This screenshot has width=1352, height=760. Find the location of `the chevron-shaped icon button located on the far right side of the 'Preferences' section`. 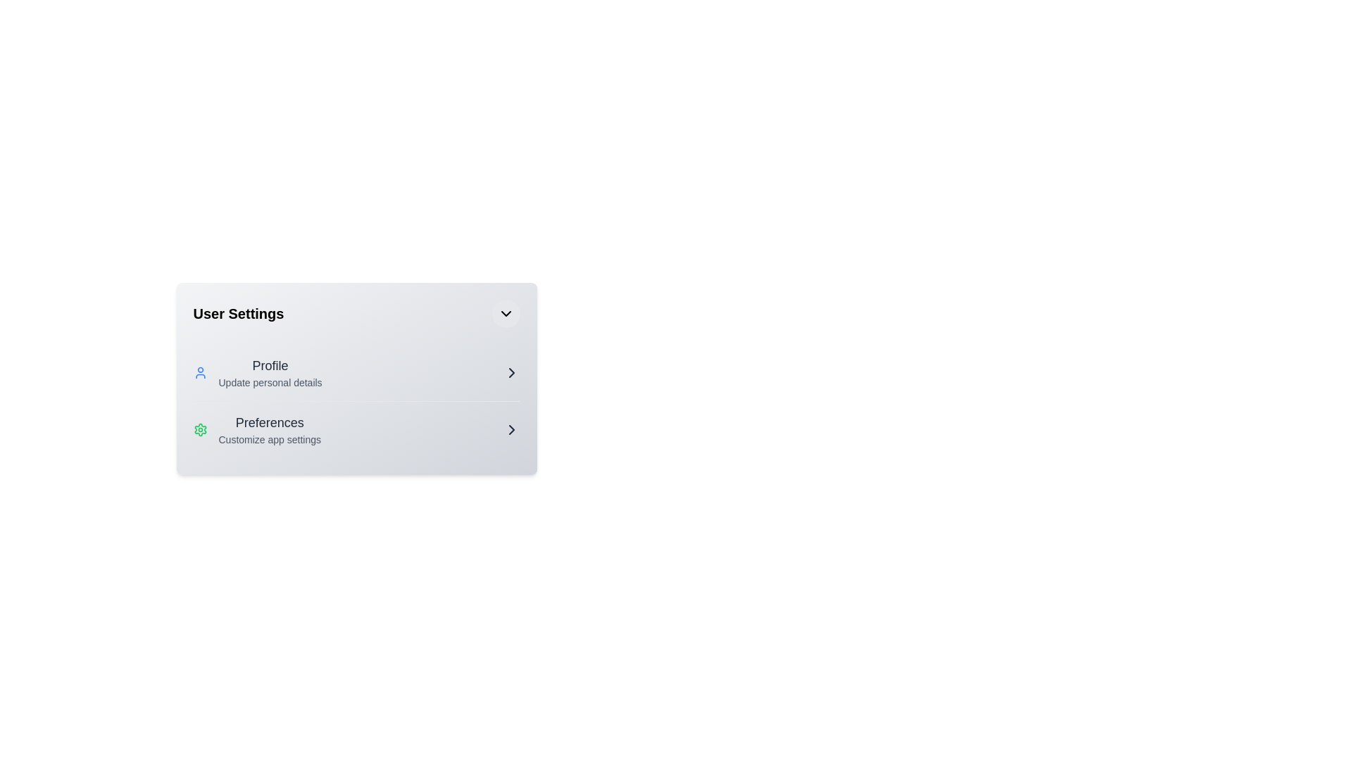

the chevron-shaped icon button located on the far right side of the 'Preferences' section is located at coordinates (511, 429).